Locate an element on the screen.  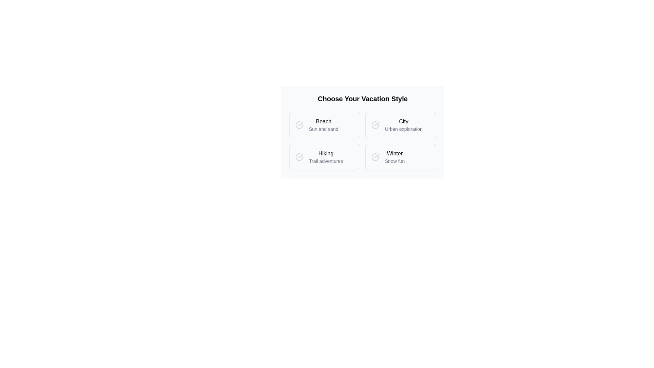
the 'Winter' text label, which is the first selectable option in the bottom-right quadrant of the grid layout is located at coordinates (395, 154).